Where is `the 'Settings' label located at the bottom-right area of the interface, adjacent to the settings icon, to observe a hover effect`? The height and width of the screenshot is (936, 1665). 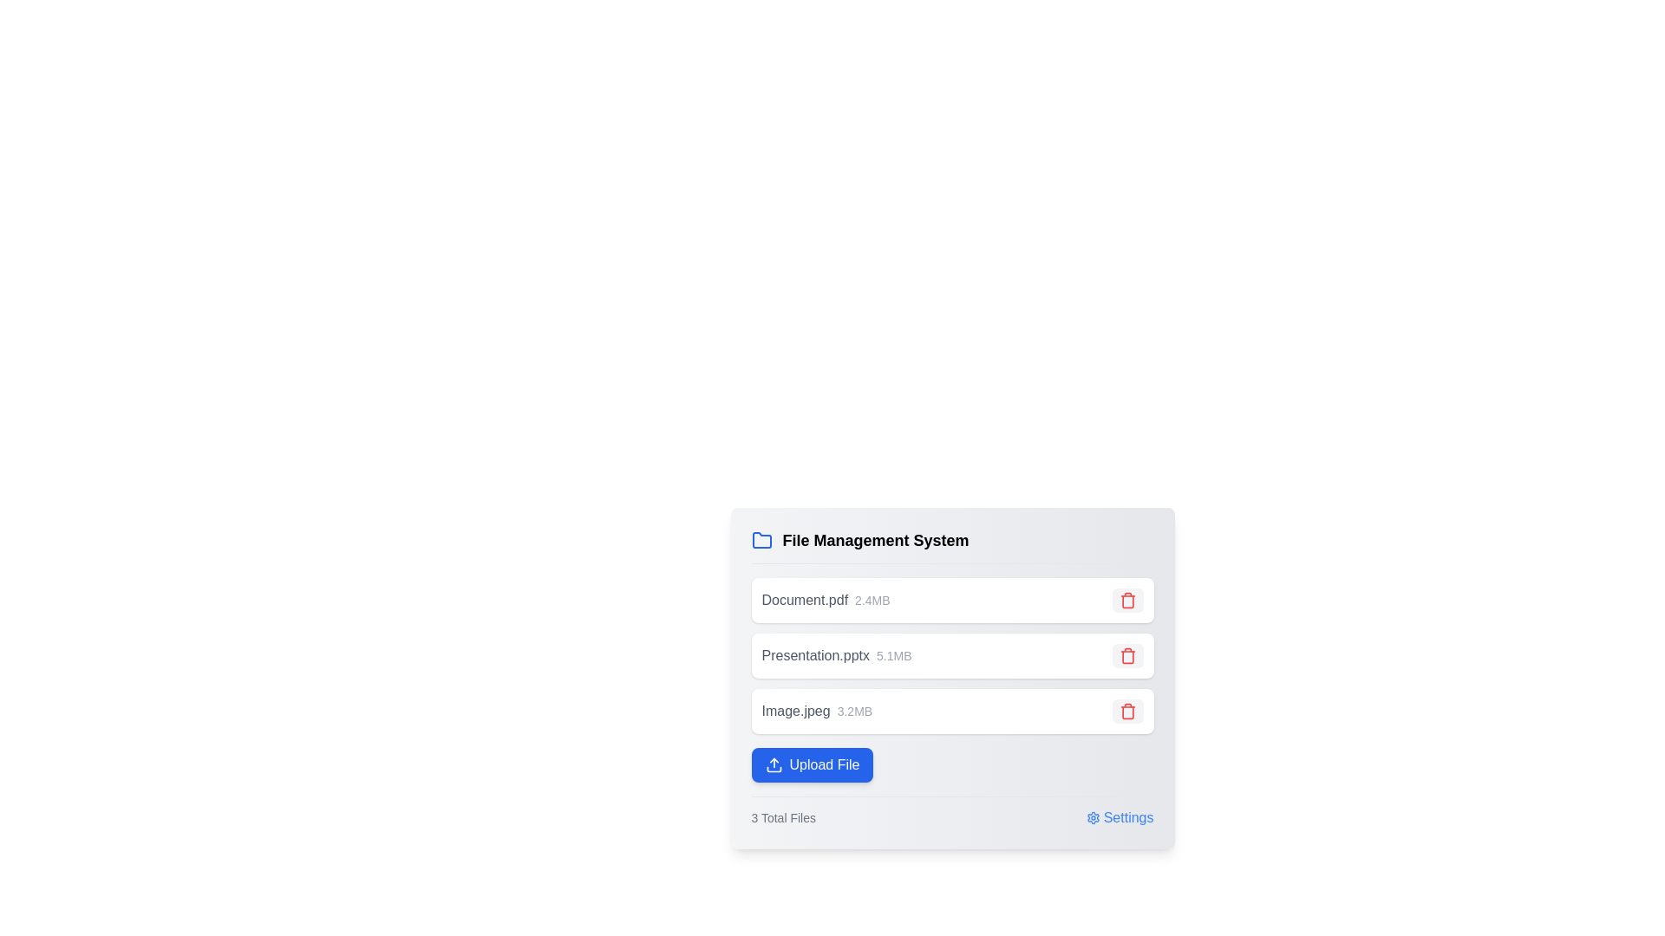
the 'Settings' label located at the bottom-right area of the interface, adjacent to the settings icon, to observe a hover effect is located at coordinates (1128, 818).